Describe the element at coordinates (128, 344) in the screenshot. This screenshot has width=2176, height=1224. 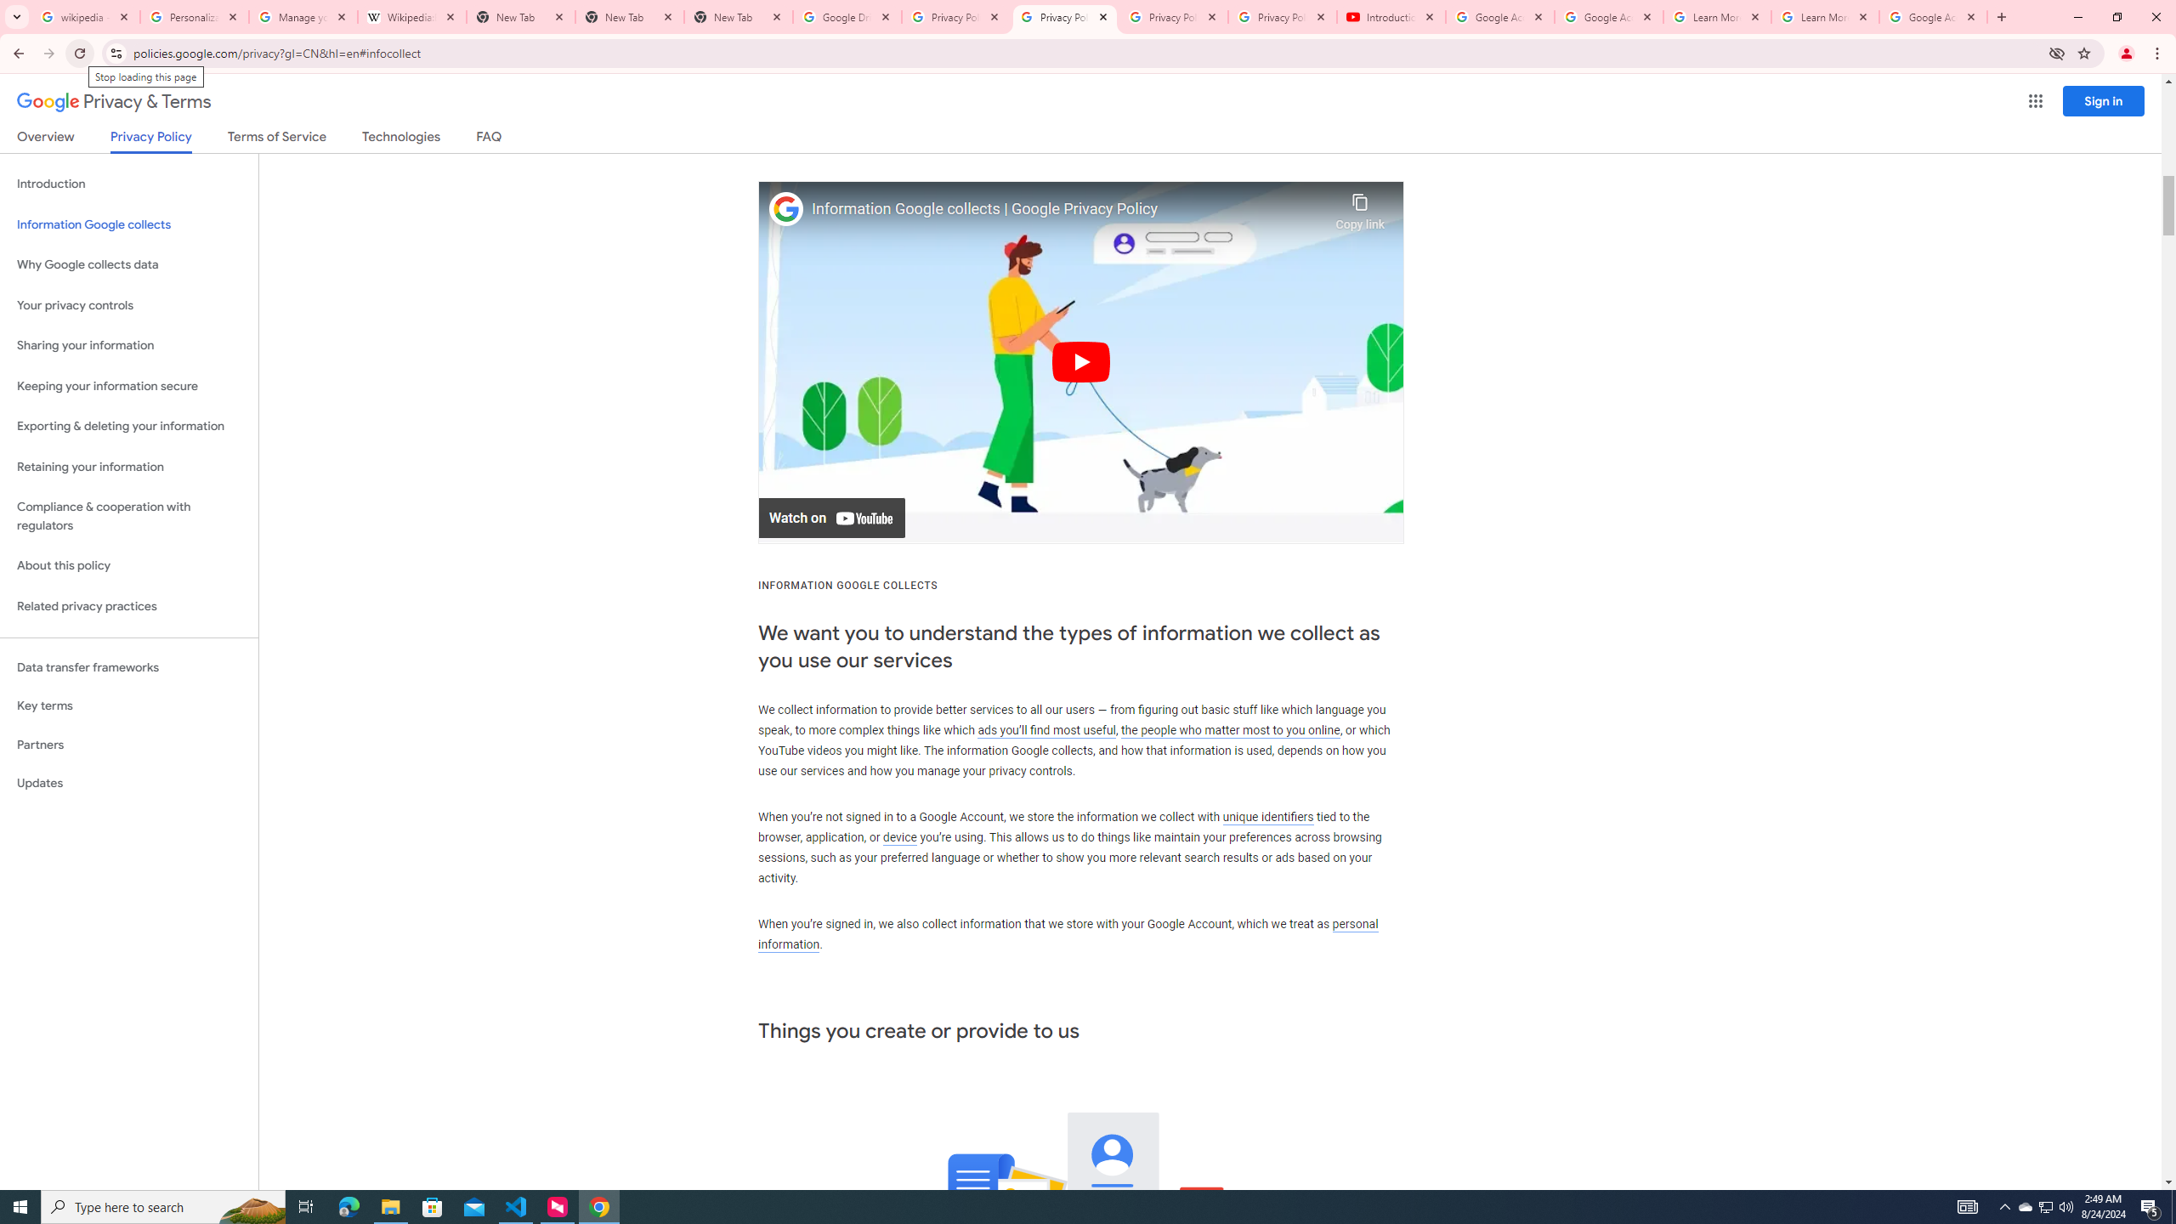
I see `'Sharing your information'` at that location.